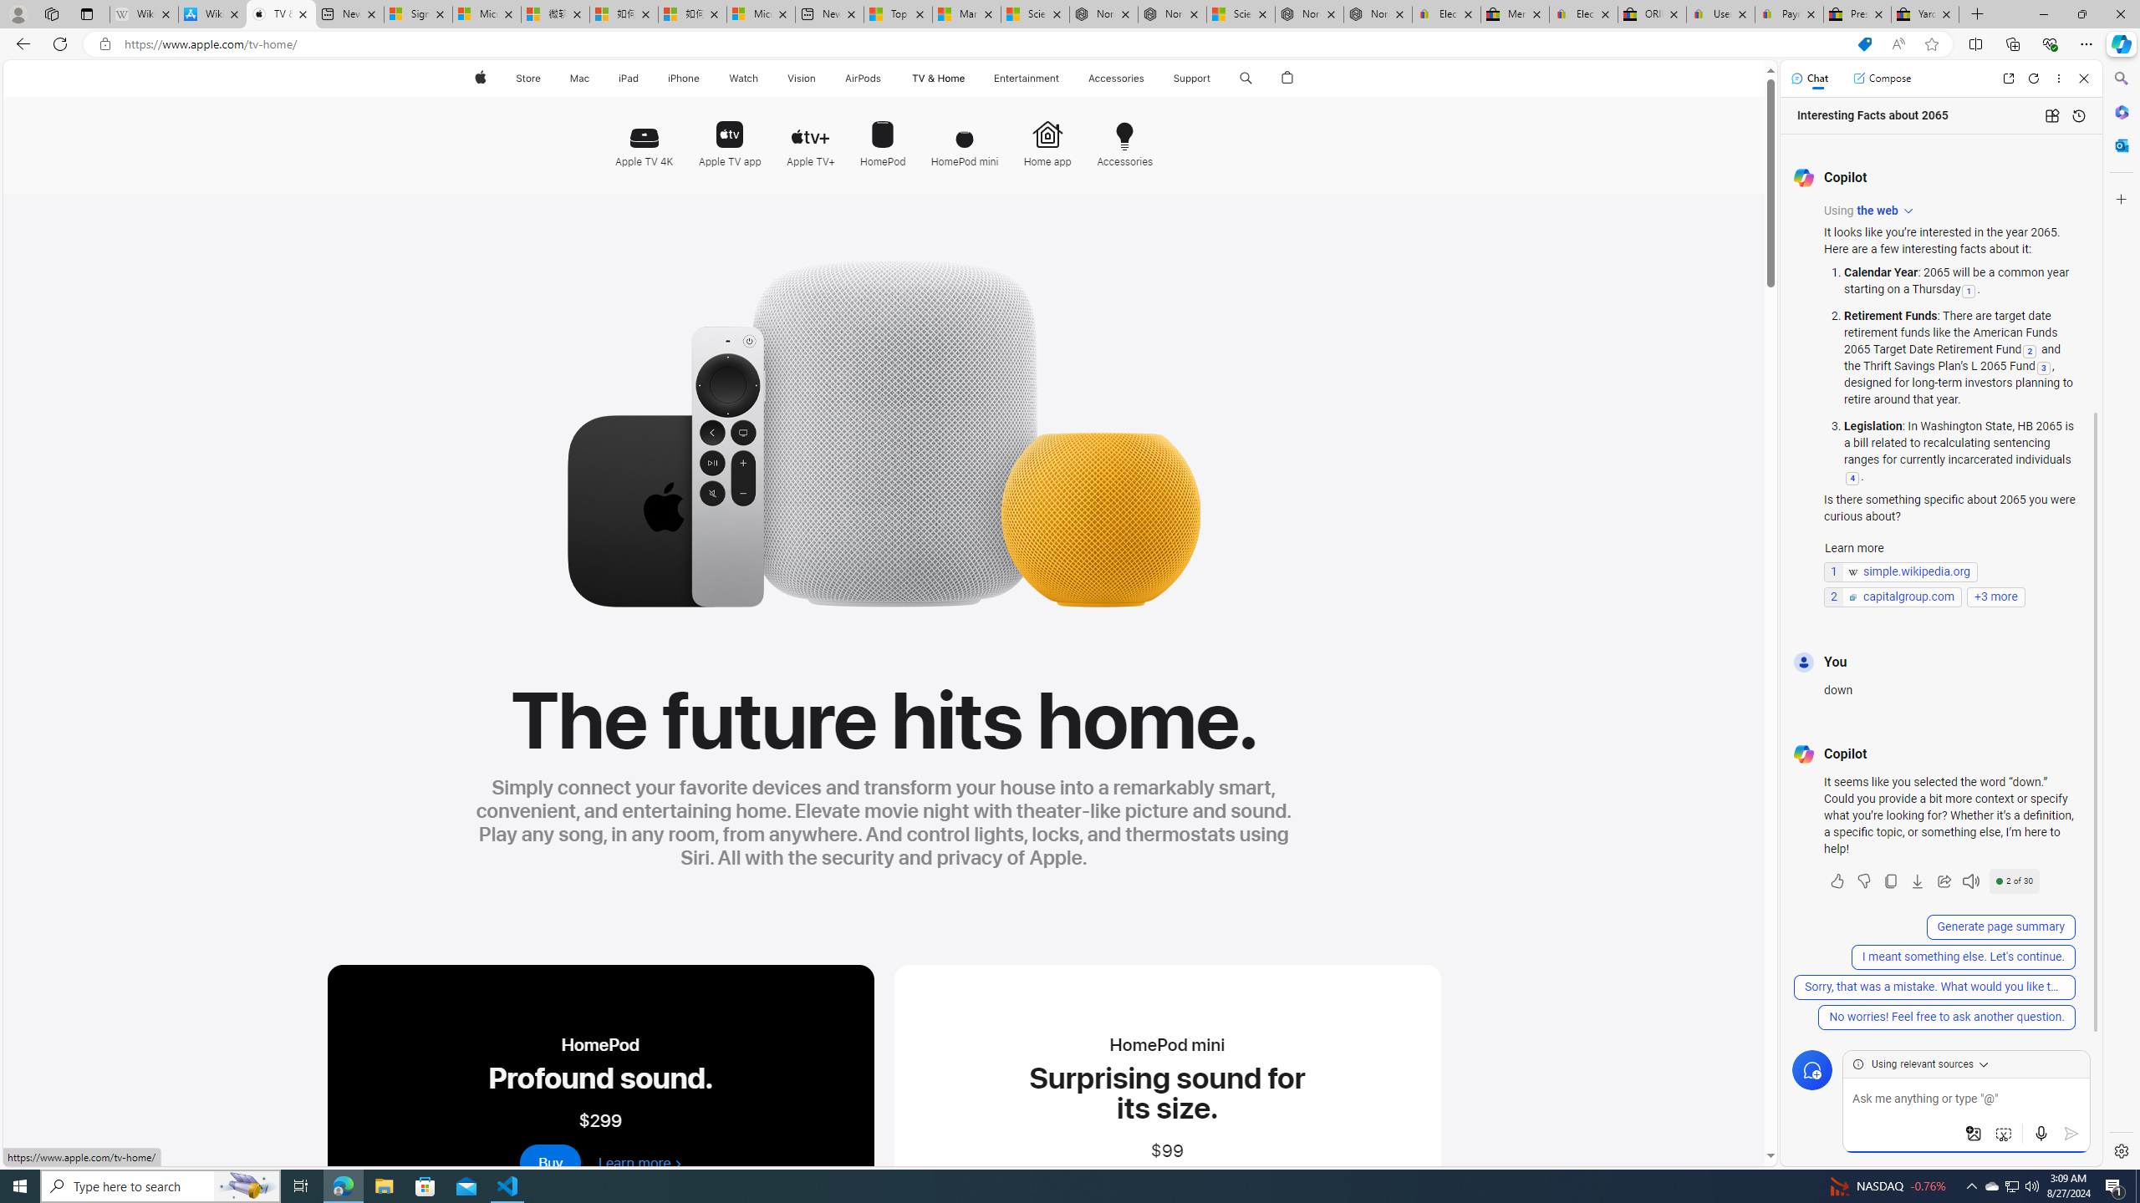 The image size is (2140, 1203). I want to click on 'Shopping in Microsoft Edge', so click(1864, 44).